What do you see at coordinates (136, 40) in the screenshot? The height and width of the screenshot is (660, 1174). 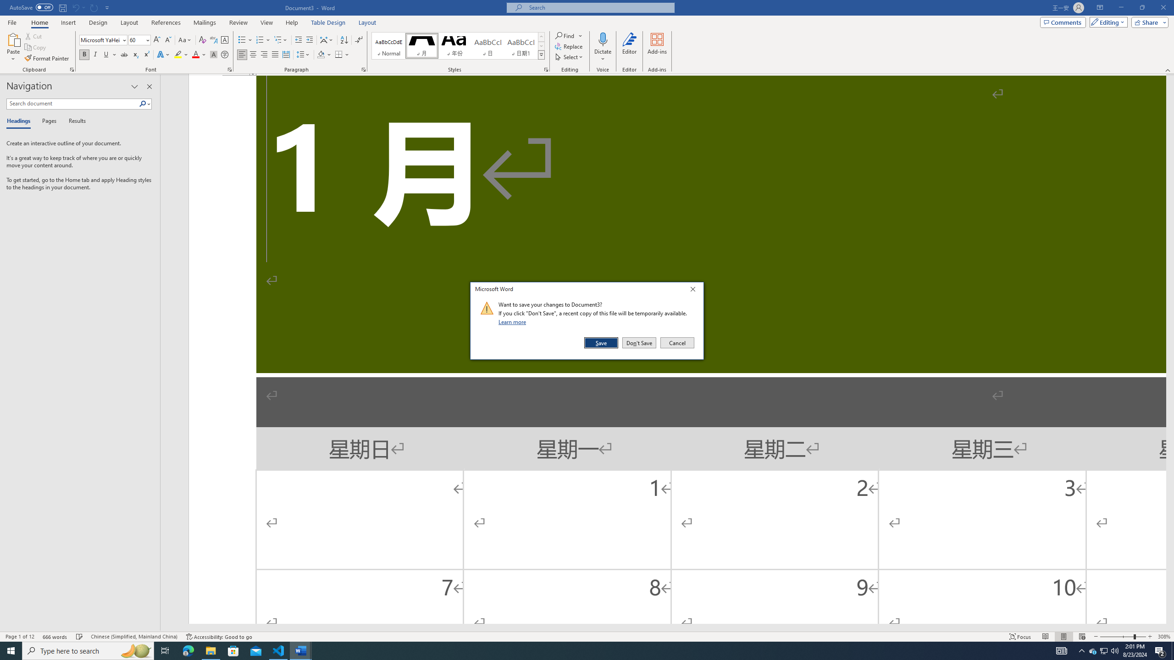 I see `'Font Size'` at bounding box center [136, 40].